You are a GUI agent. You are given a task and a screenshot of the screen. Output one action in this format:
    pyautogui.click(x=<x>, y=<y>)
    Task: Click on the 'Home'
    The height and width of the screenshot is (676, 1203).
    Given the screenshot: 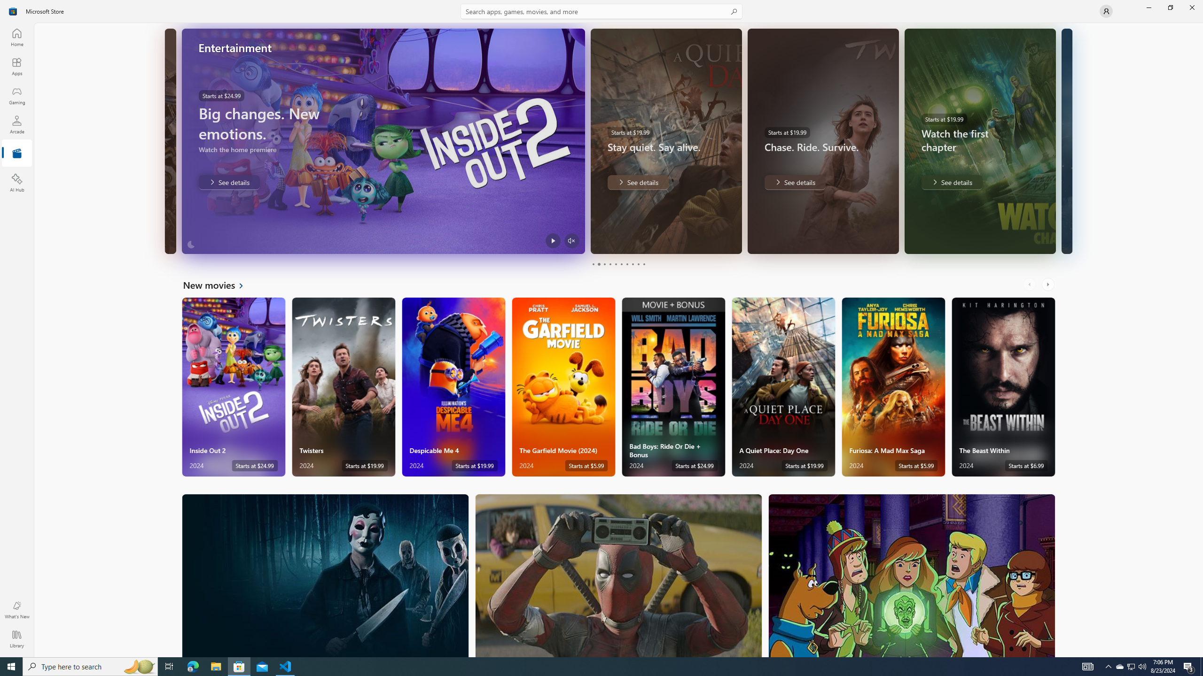 What is the action you would take?
    pyautogui.click(x=16, y=37)
    